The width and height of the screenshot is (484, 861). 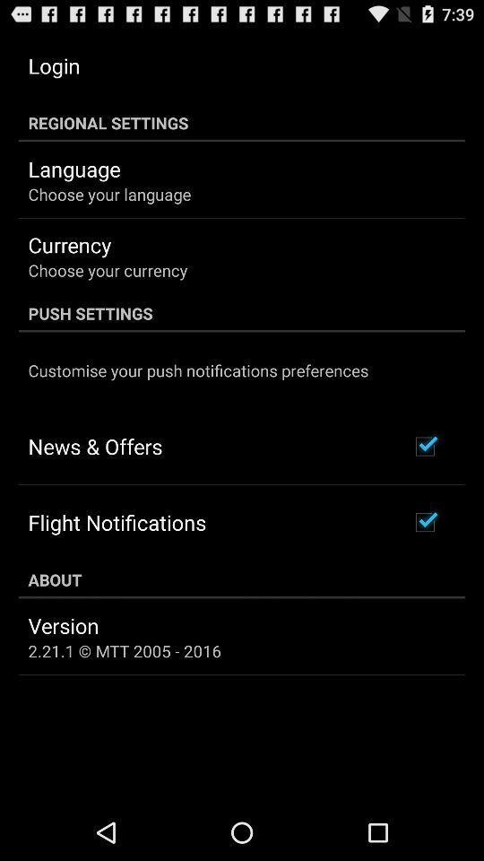 What do you see at coordinates (197, 370) in the screenshot?
I see `icon below push settings app` at bounding box center [197, 370].